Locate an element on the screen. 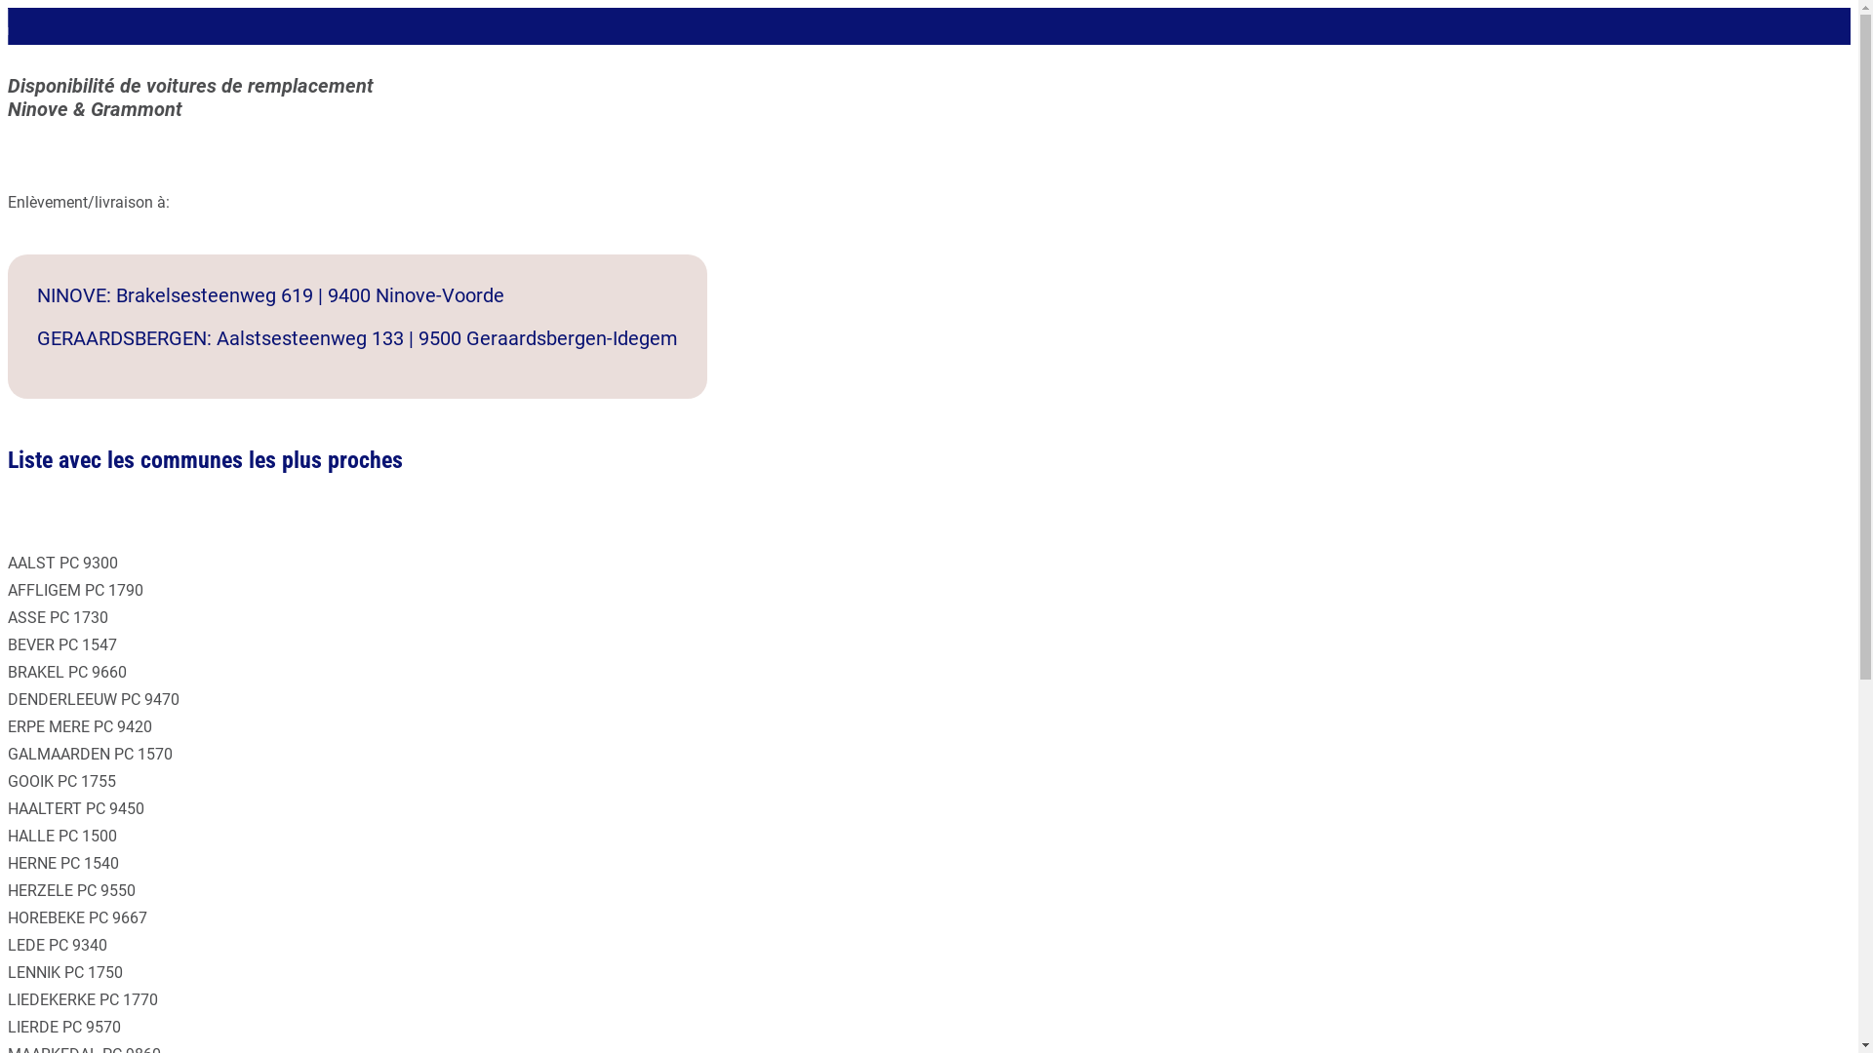  'NEDERLANDS' is located at coordinates (27, 41).